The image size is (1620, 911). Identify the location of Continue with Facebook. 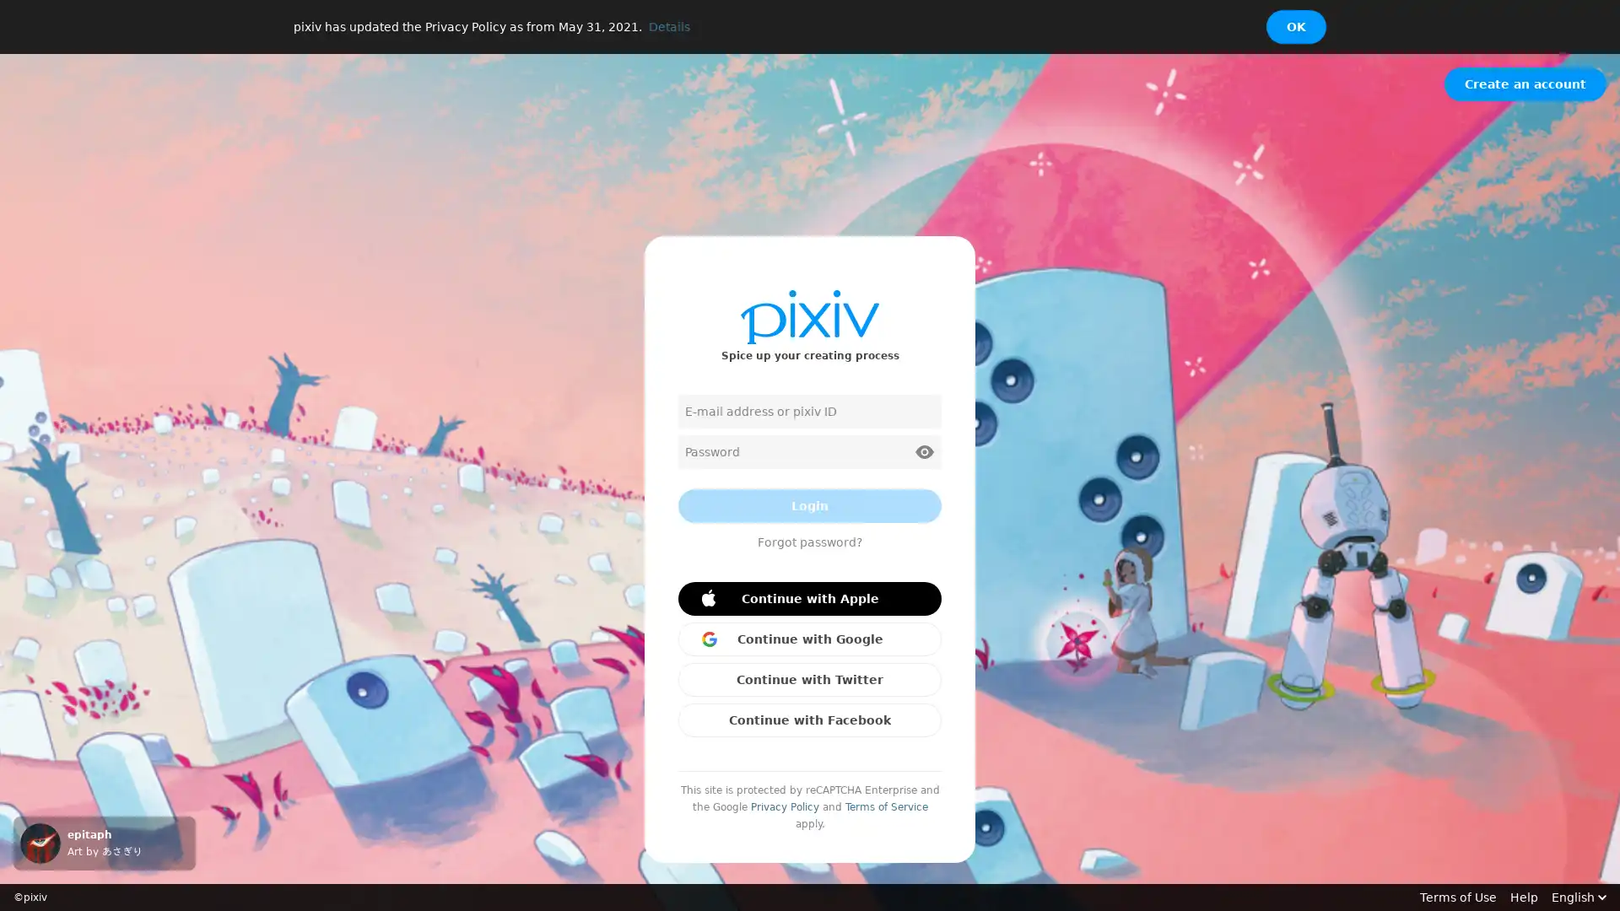
(810, 720).